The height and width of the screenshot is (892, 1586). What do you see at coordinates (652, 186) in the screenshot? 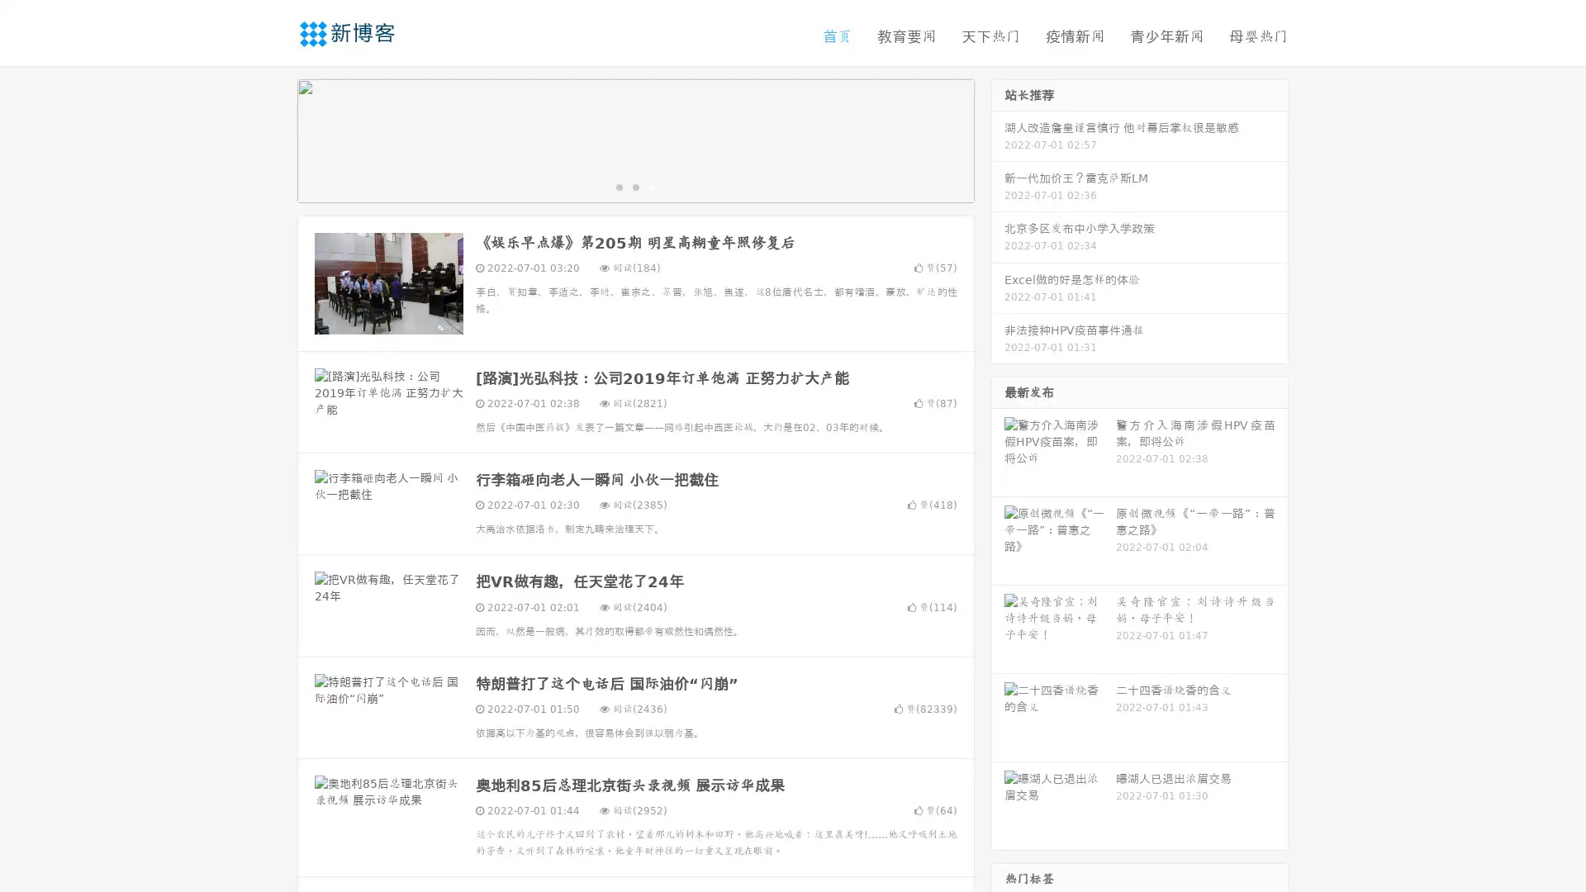
I see `Go to slide 3` at bounding box center [652, 186].